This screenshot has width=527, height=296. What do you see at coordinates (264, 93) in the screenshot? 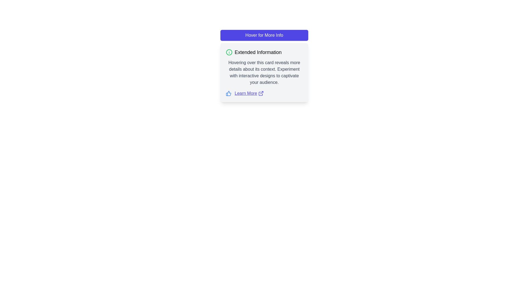
I see `the 'Learn More' hyperlink with thumbs-up and external-link icons located at the bottom of the 'Extended Information' card` at bounding box center [264, 93].